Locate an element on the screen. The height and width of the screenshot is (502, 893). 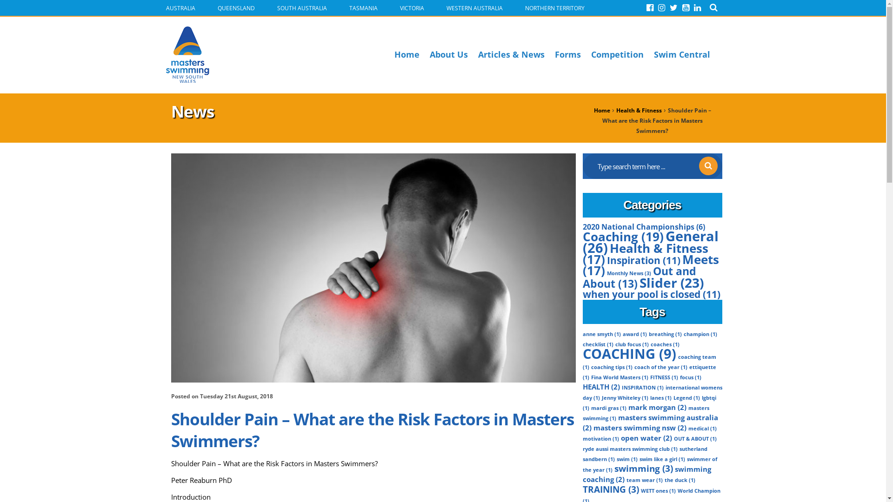
'masters swimming (1)' is located at coordinates (582, 412).